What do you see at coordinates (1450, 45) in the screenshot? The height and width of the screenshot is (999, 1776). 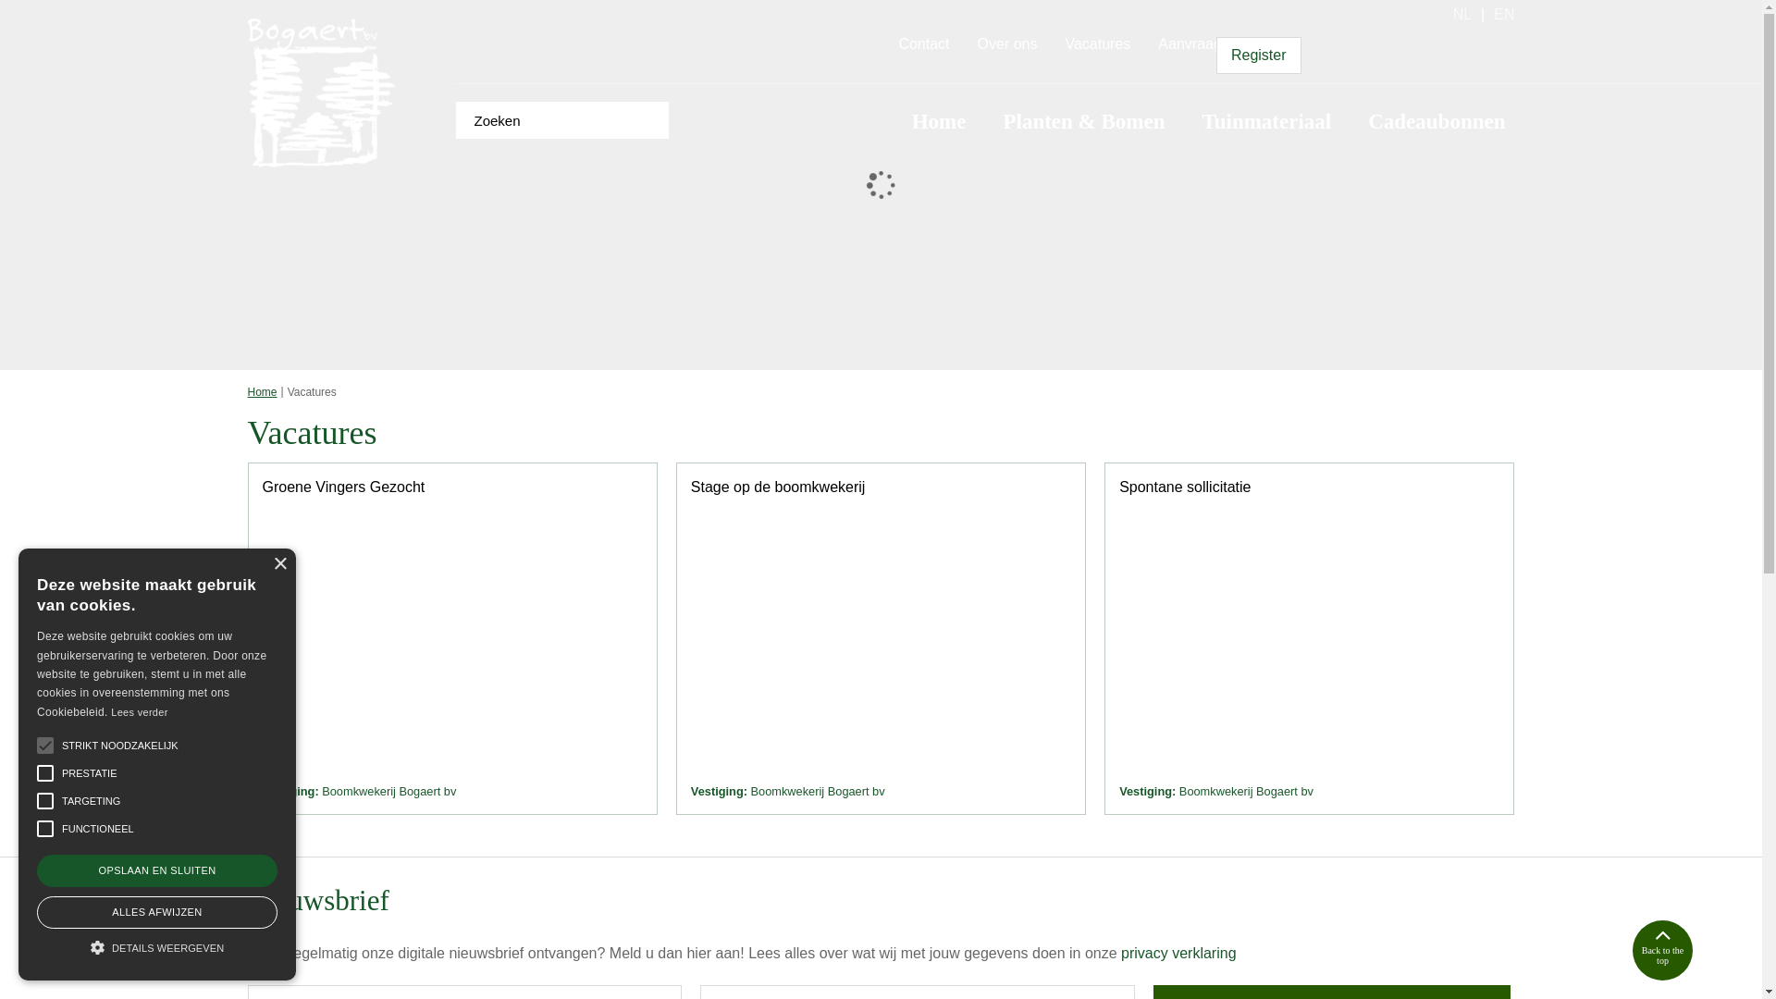 I see `'Ga naar je winkelwagen'` at bounding box center [1450, 45].